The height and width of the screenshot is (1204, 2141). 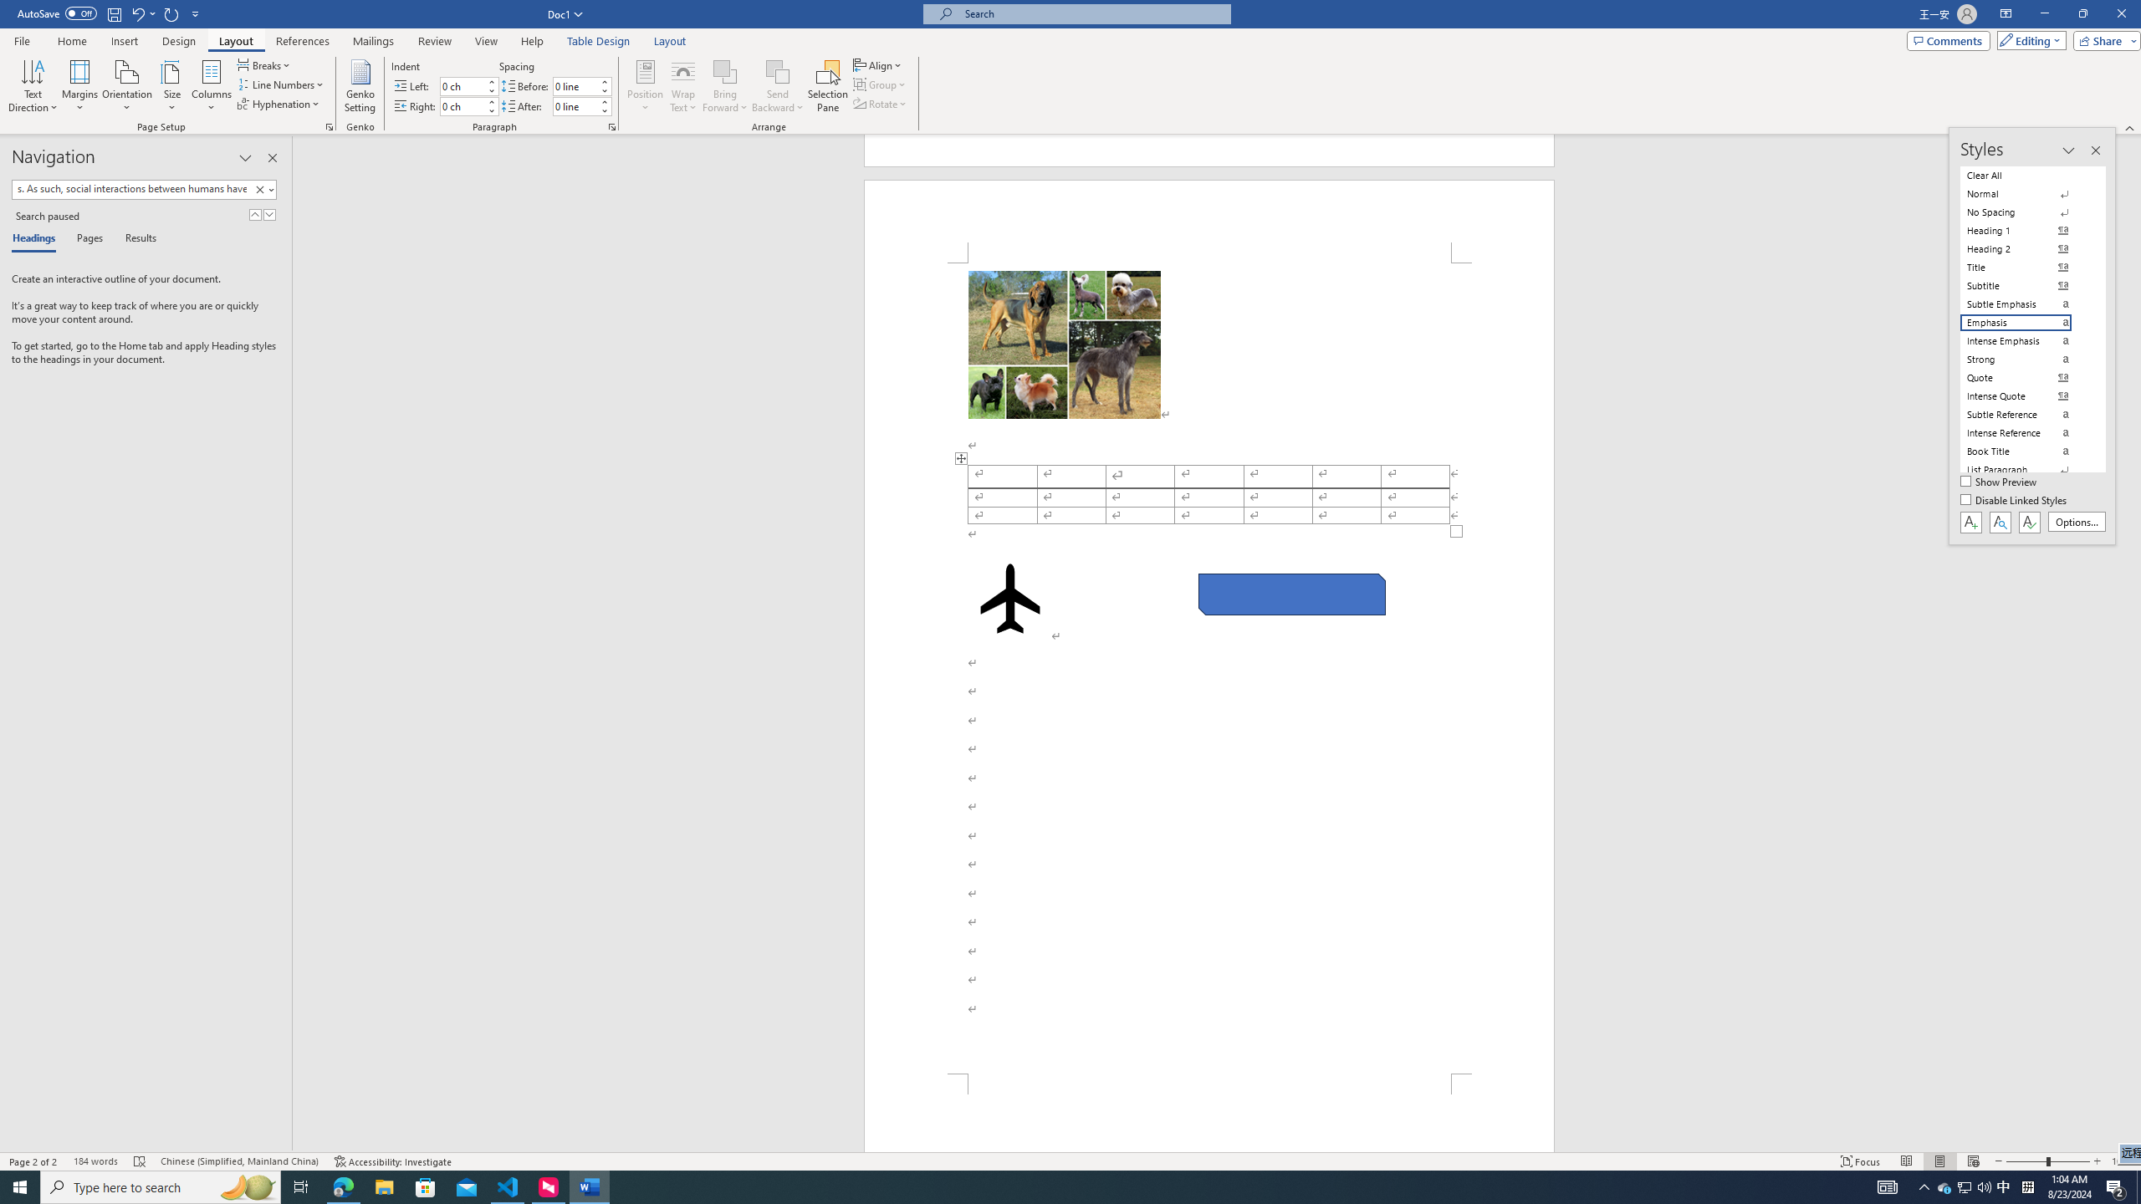 What do you see at coordinates (2000, 482) in the screenshot?
I see `'Show Preview'` at bounding box center [2000, 482].